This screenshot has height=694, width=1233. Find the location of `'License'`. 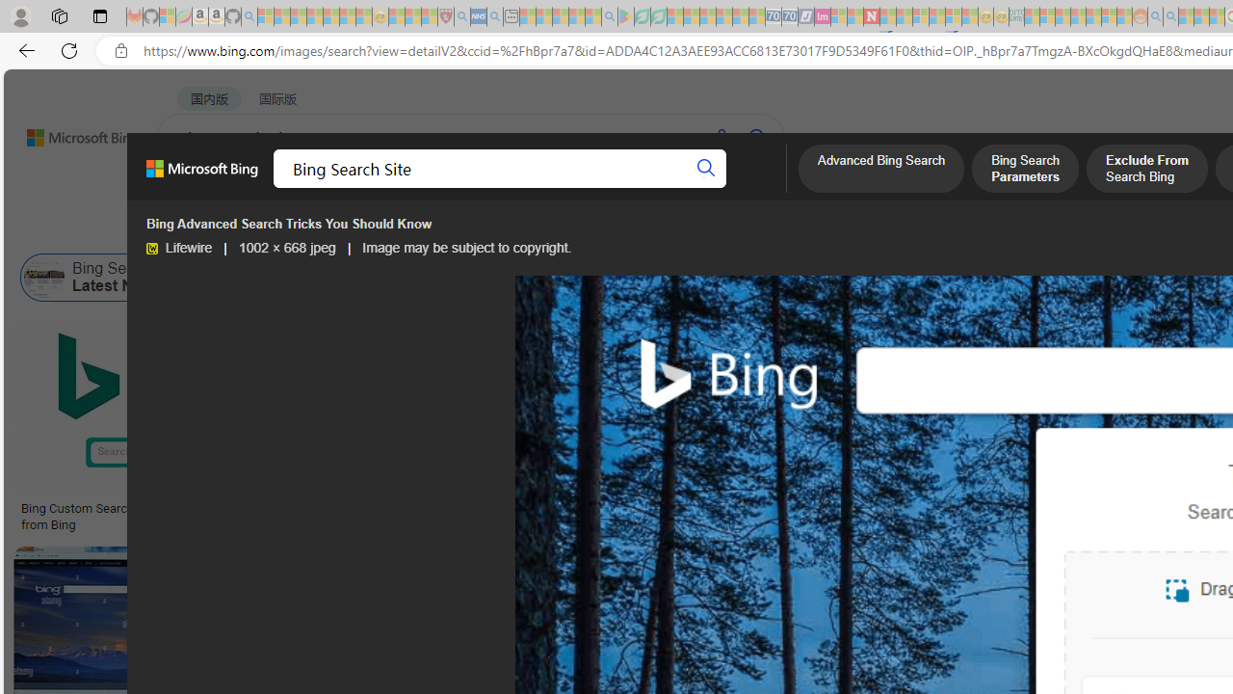

'License' is located at coordinates (640, 227).